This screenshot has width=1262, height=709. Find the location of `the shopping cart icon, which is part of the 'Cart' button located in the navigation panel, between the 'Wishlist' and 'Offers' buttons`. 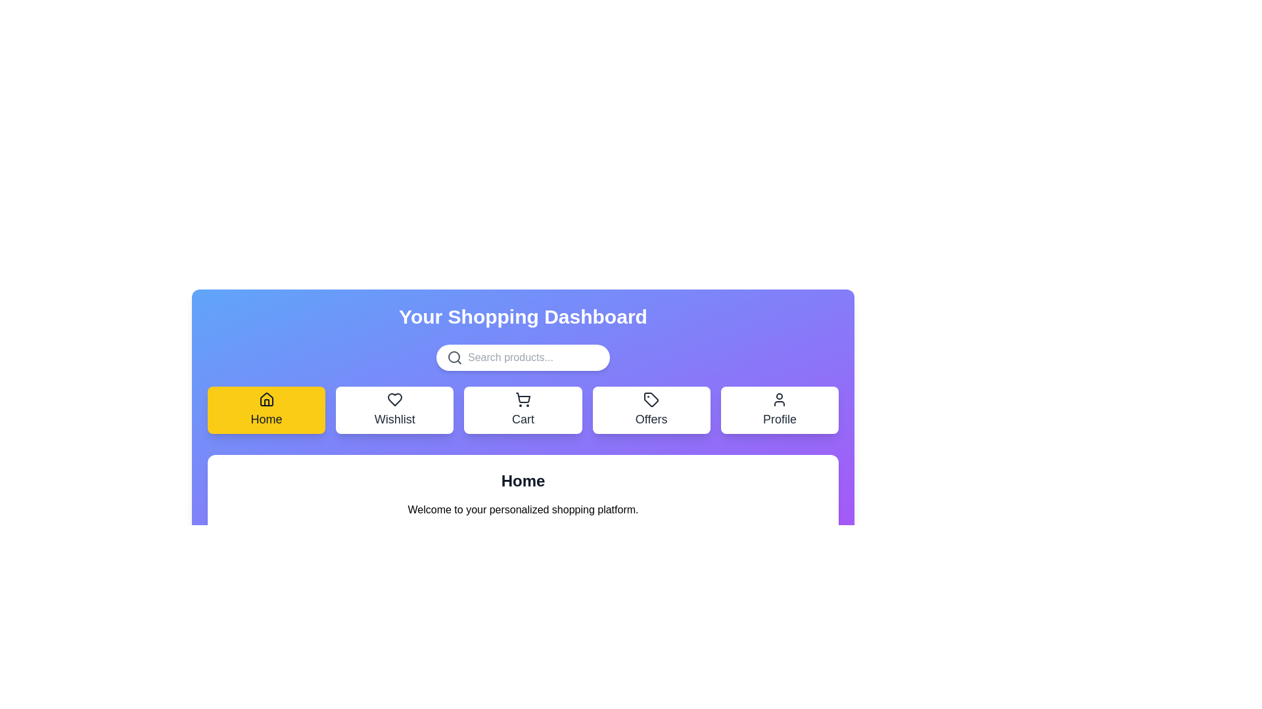

the shopping cart icon, which is part of the 'Cart' button located in the navigation panel, between the 'Wishlist' and 'Offers' buttons is located at coordinates (523, 399).